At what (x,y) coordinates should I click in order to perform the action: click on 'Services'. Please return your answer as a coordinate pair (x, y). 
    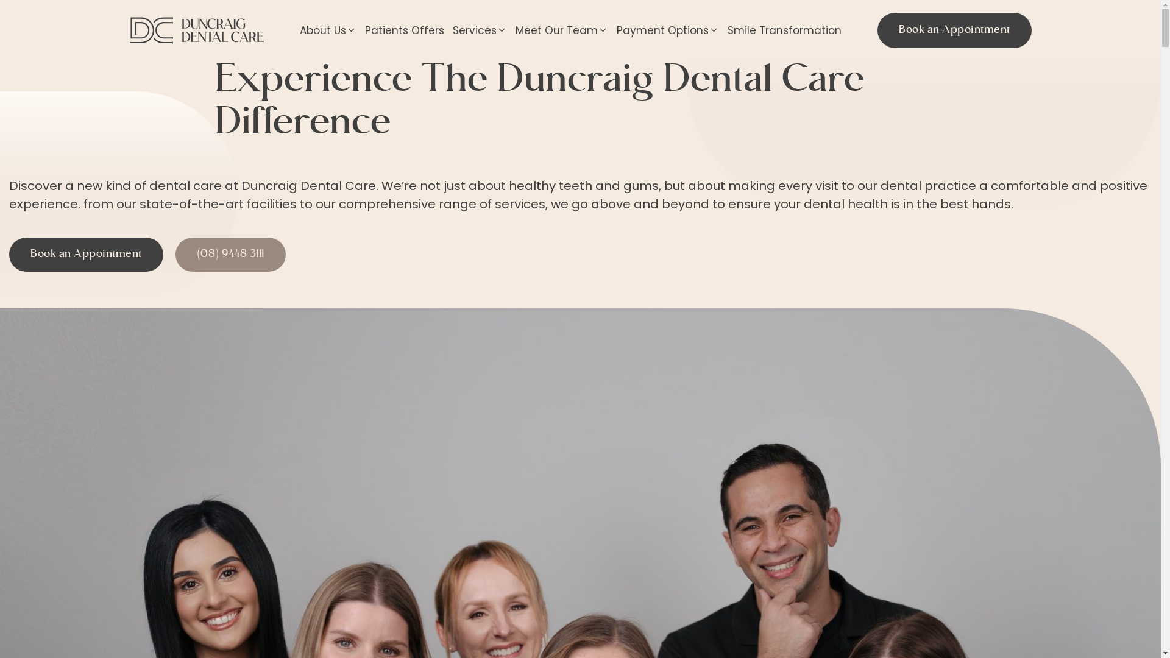
    Looking at the image, I should click on (447, 30).